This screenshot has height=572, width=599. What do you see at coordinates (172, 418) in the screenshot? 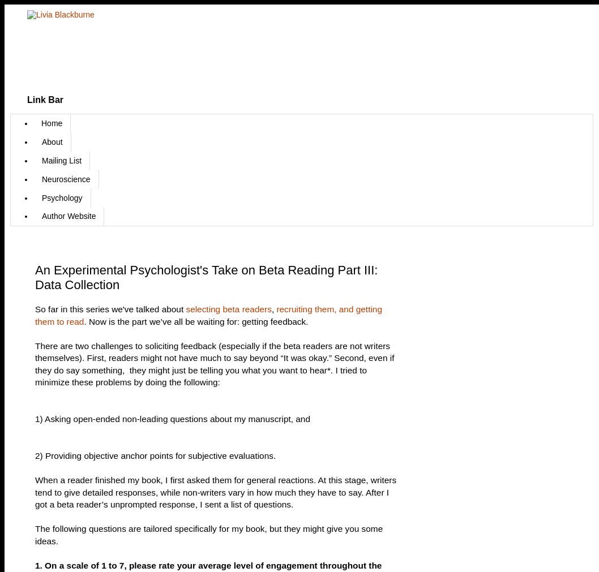
I see `'1) Asking open-ended non-leading questions about my manuscript, and'` at bounding box center [172, 418].